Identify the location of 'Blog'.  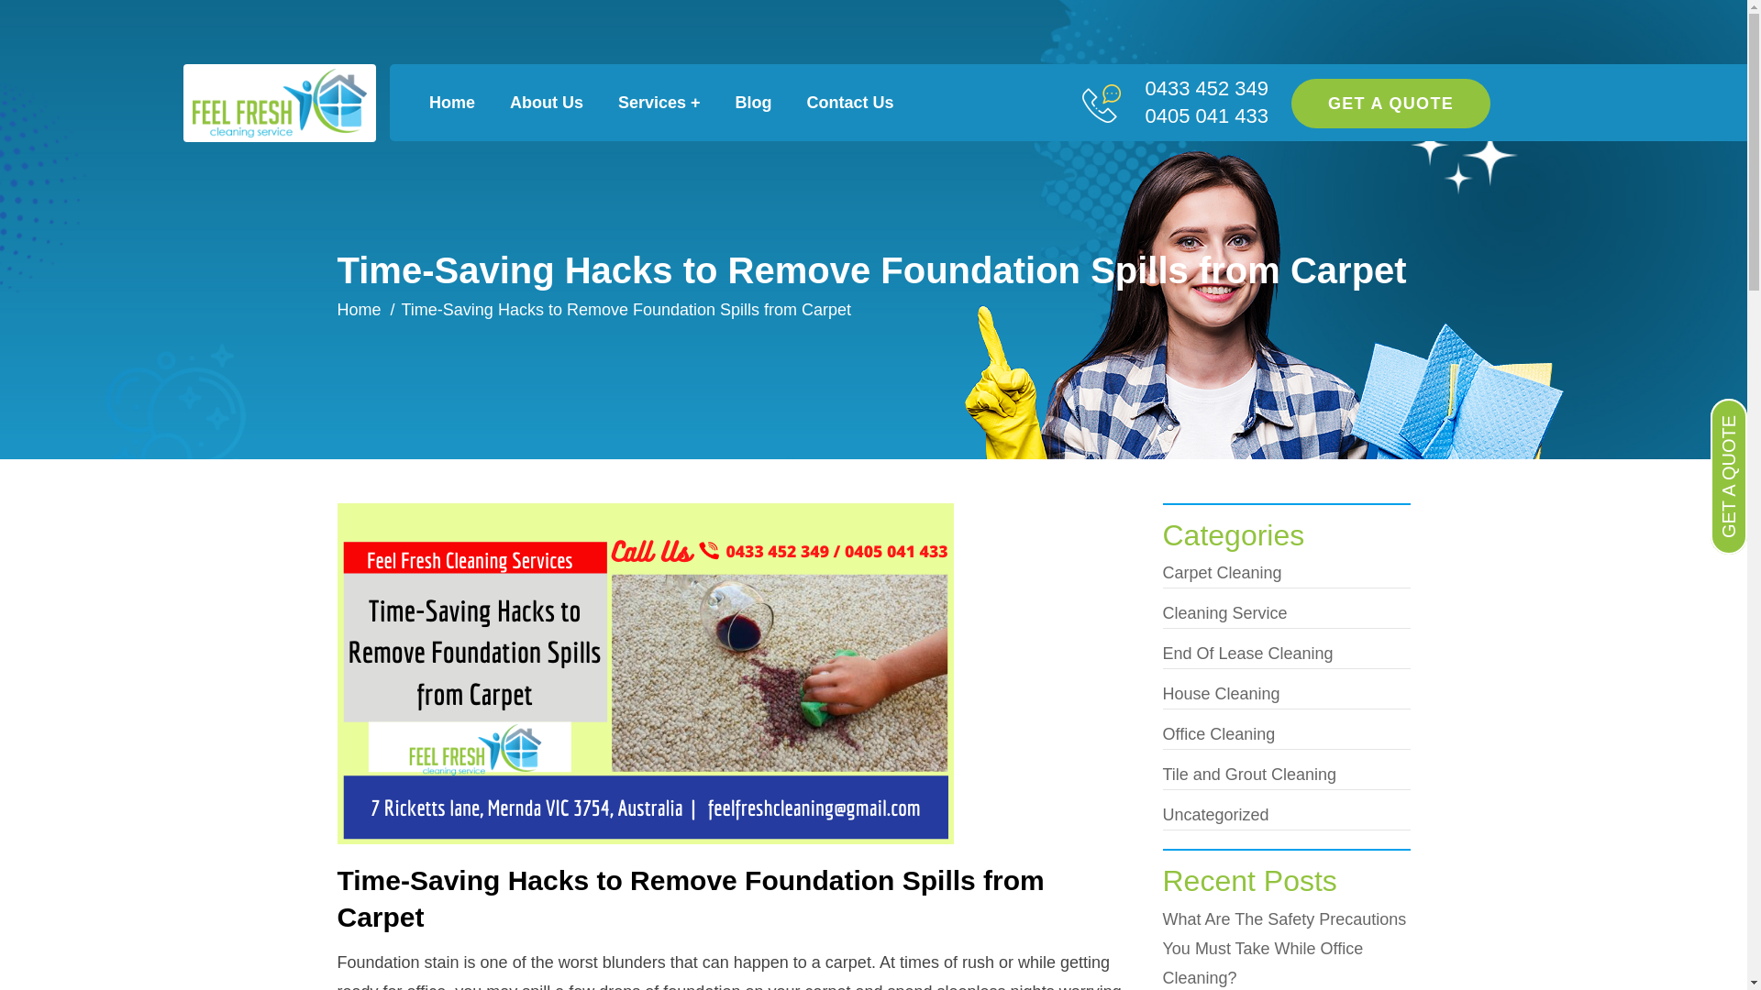
(735, 102).